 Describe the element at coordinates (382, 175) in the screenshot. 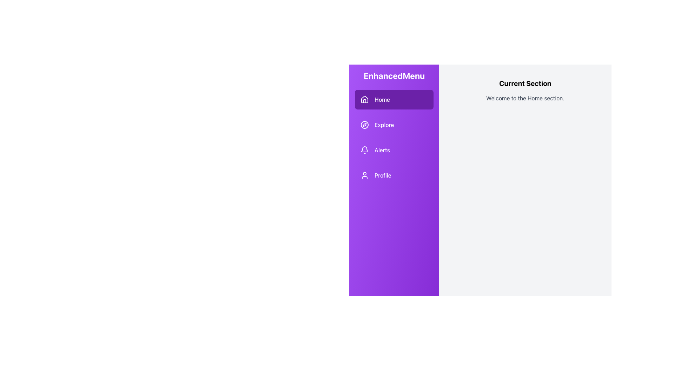

I see `text label representing the navigation option to the 'Profile' area located in the vertical menu on the left side of the interface, positioned below the 'Alerts' item` at that location.